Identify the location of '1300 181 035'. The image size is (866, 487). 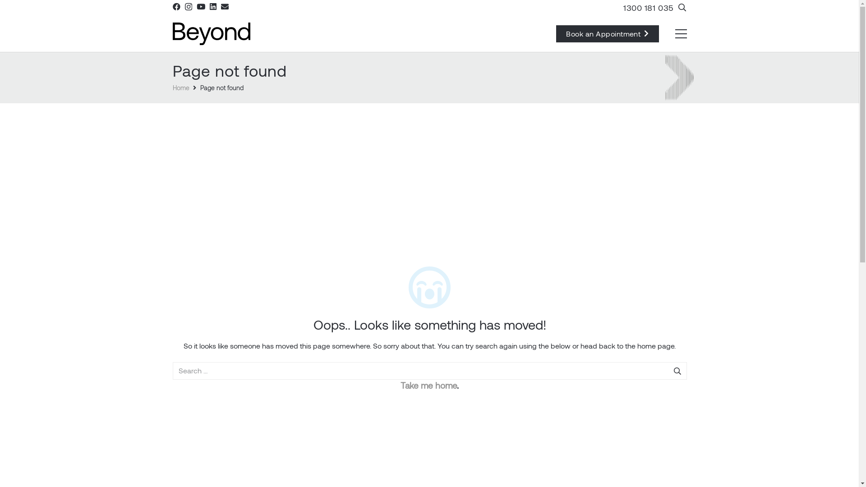
(483, 353).